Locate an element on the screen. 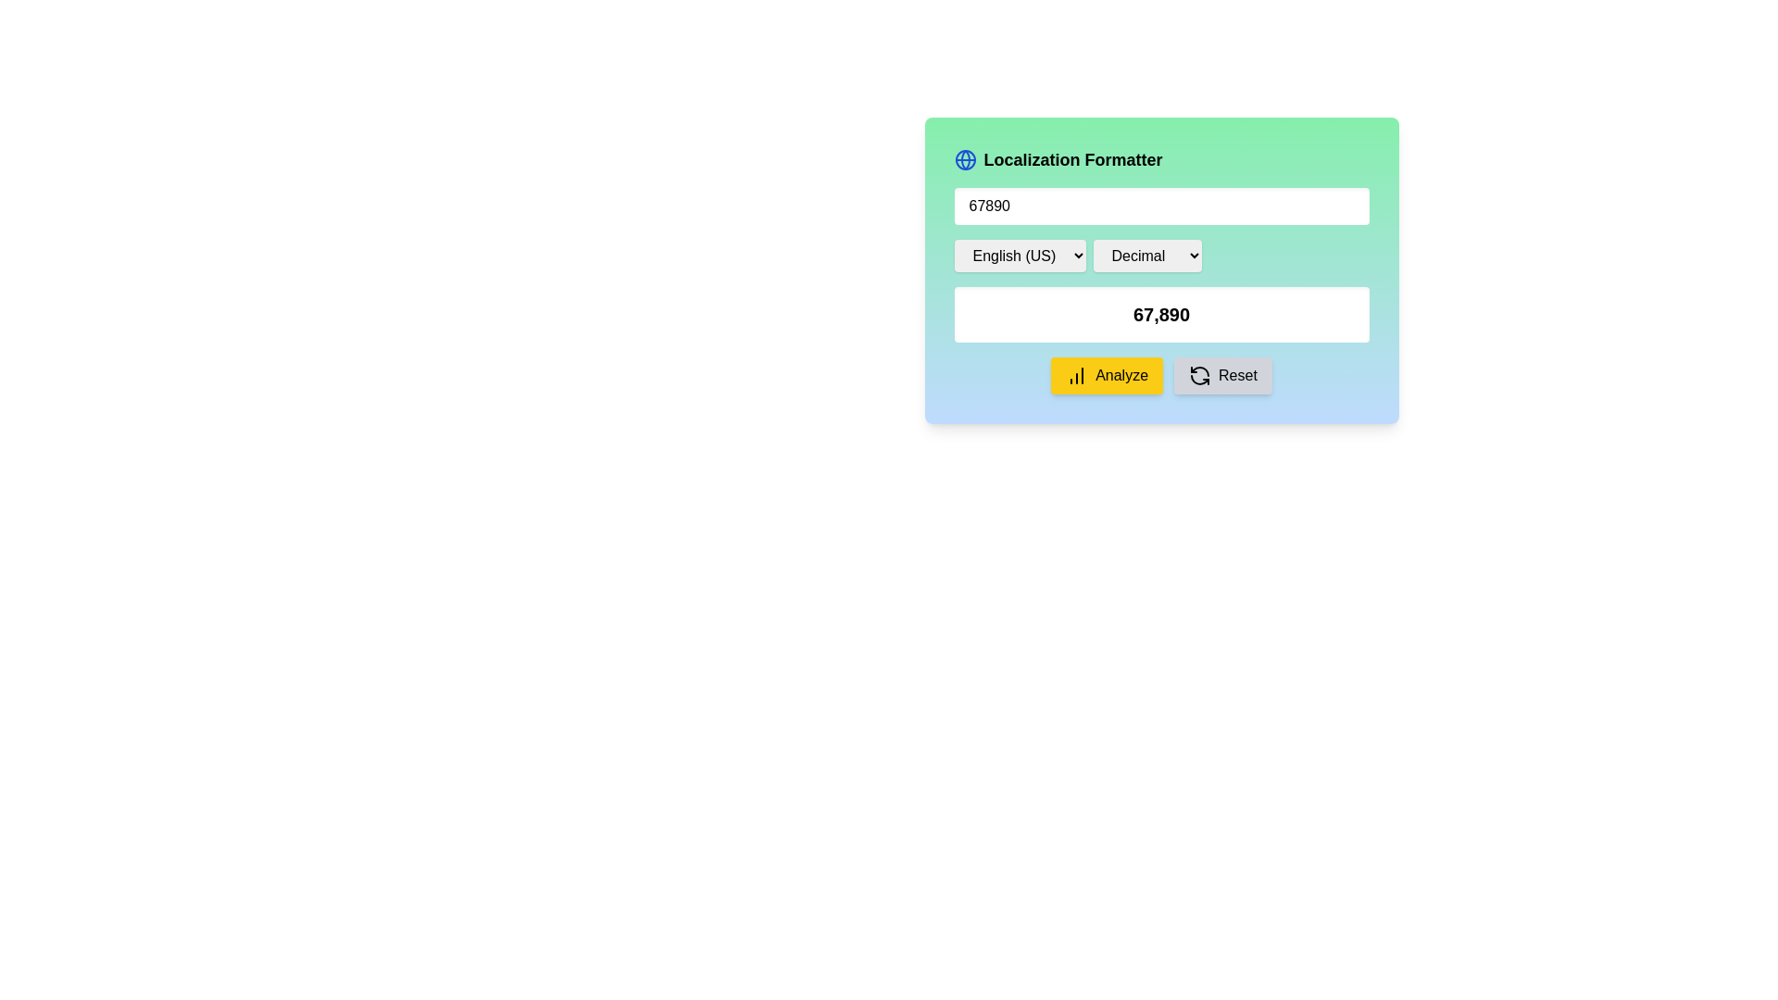 The height and width of the screenshot is (1000, 1778). the SVG Circle with a blue outline located in the top-left corner of the form interface, adjacent to the title 'Localization Formatter' is located at coordinates (964, 159).